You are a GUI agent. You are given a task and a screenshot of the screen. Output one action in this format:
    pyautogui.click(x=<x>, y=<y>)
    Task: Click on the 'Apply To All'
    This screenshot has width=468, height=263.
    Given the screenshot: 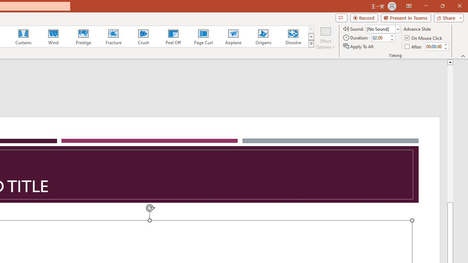 What is the action you would take?
    pyautogui.click(x=359, y=46)
    